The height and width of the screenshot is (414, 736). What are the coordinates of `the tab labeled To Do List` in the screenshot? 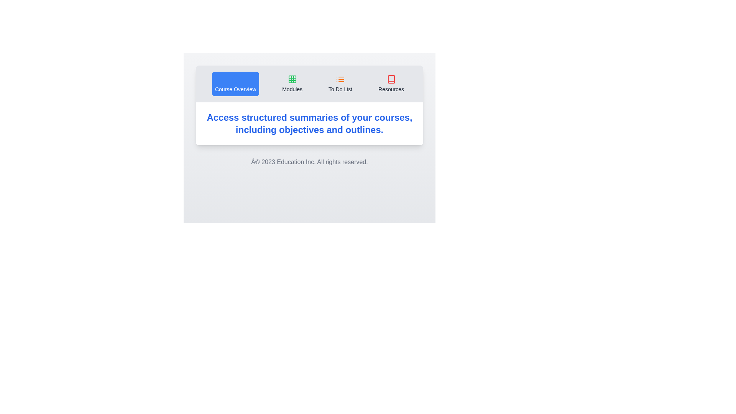 It's located at (340, 84).